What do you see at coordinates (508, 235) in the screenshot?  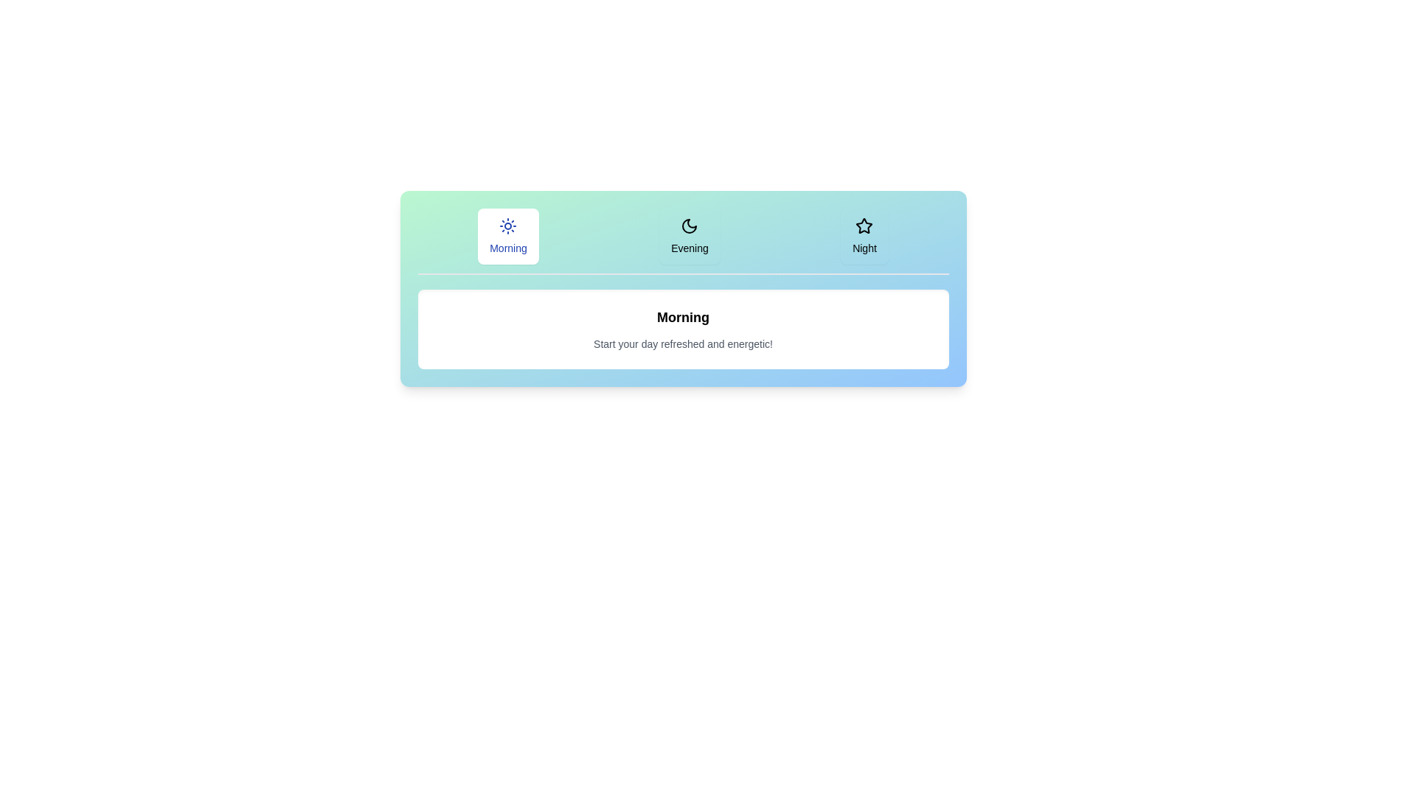 I see `the Morning tab by clicking on it` at bounding box center [508, 235].